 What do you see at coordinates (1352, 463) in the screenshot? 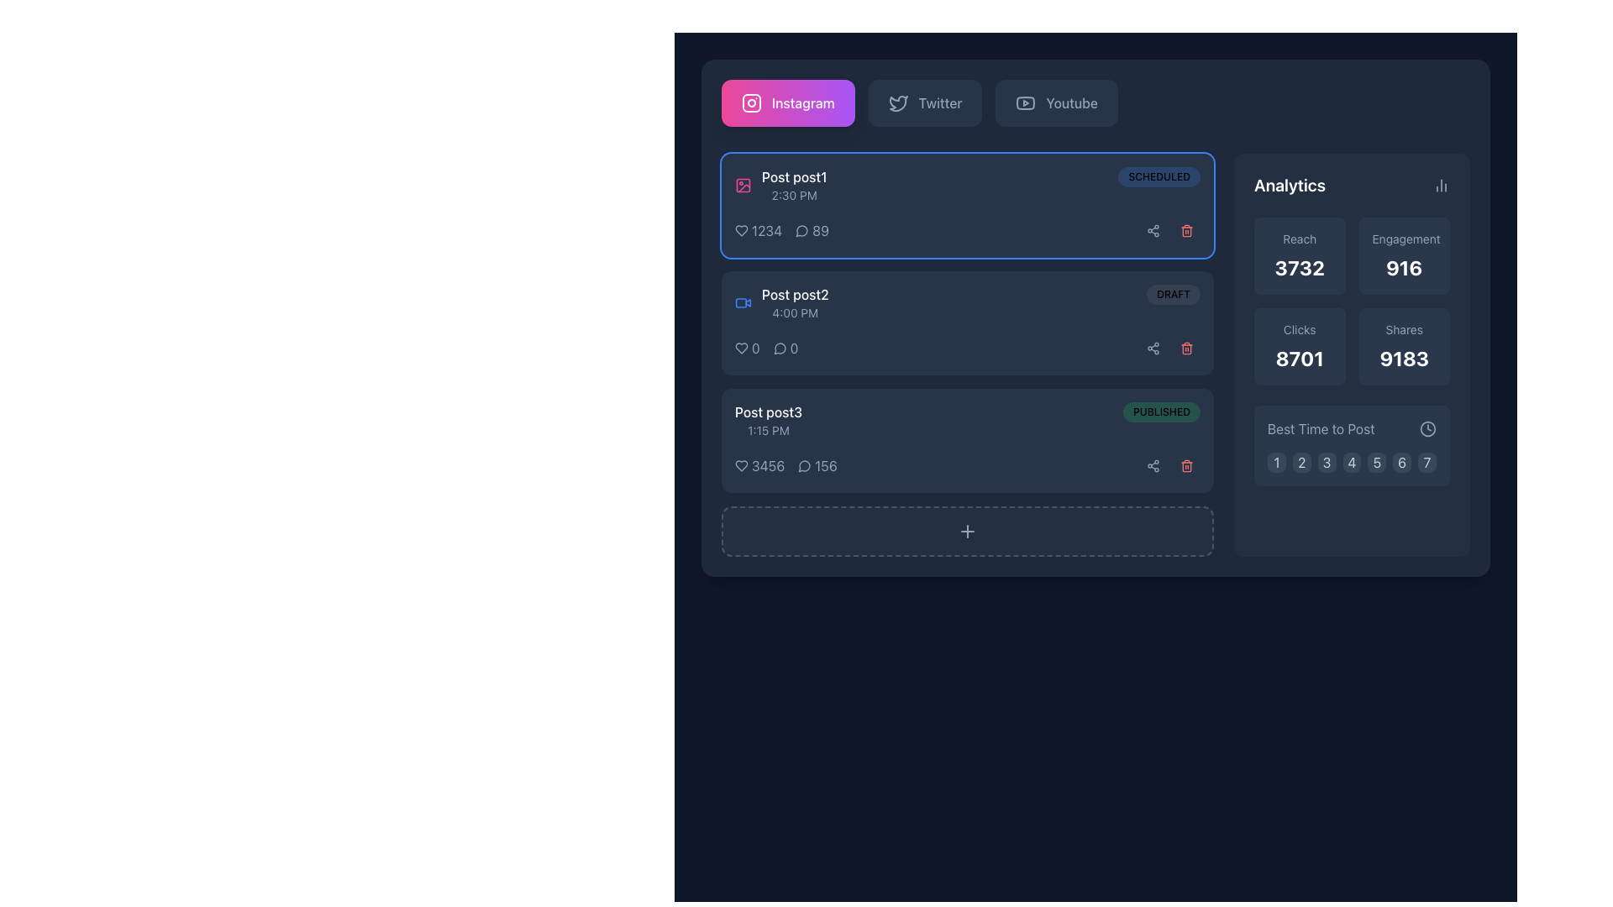
I see `the fourth tile in the 'Best Time to Post' section of the analytics panel` at bounding box center [1352, 463].